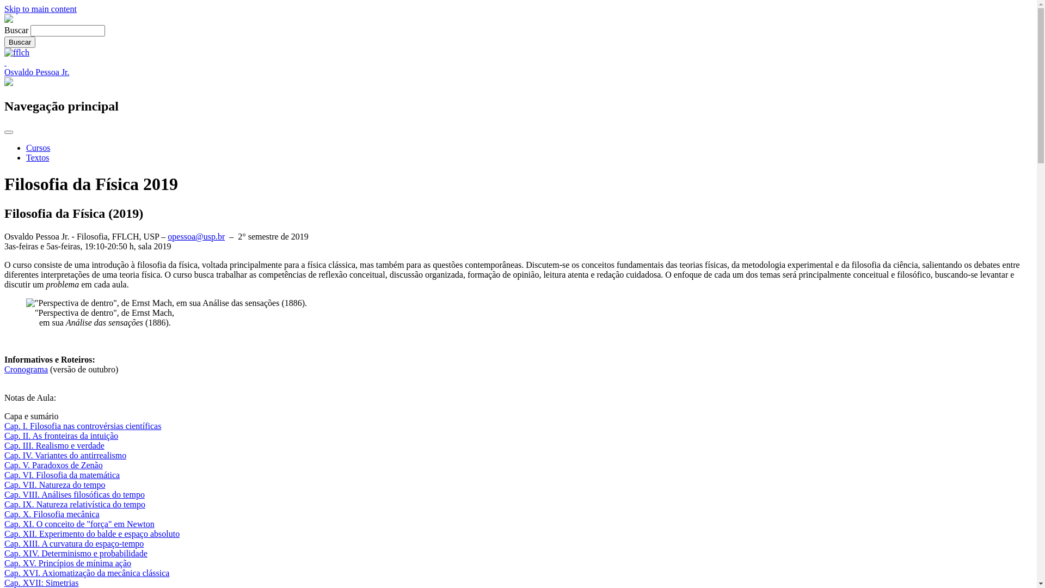 The height and width of the screenshot is (588, 1045). What do you see at coordinates (37, 157) in the screenshot?
I see `'Textos'` at bounding box center [37, 157].